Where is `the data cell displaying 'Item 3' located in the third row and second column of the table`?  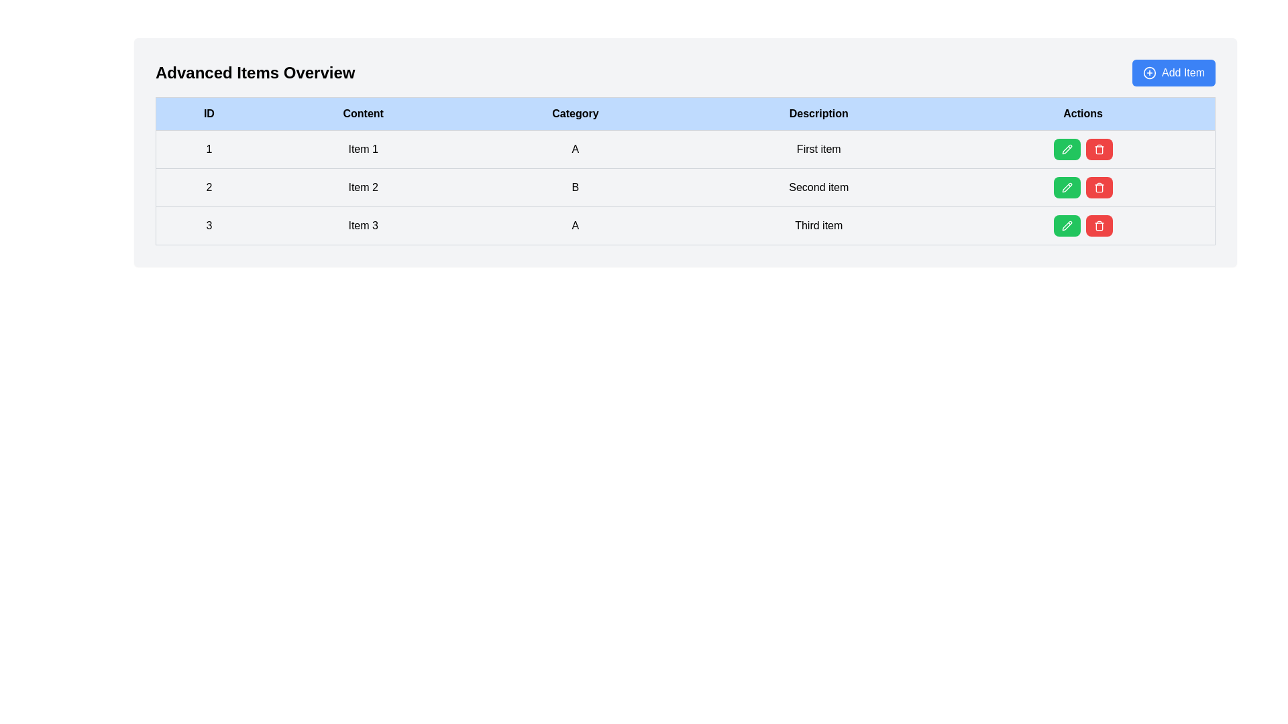 the data cell displaying 'Item 3' located in the third row and second column of the table is located at coordinates (363, 225).